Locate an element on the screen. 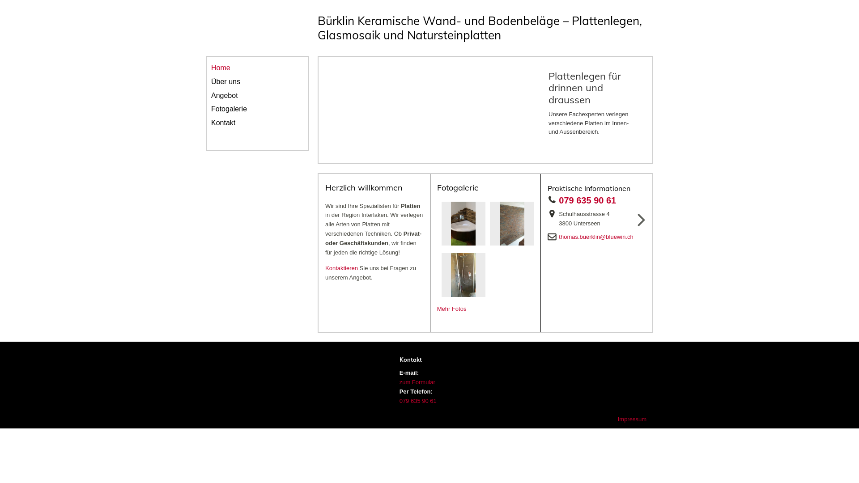 The height and width of the screenshot is (483, 859). '079 635 90 61' is located at coordinates (417, 400).